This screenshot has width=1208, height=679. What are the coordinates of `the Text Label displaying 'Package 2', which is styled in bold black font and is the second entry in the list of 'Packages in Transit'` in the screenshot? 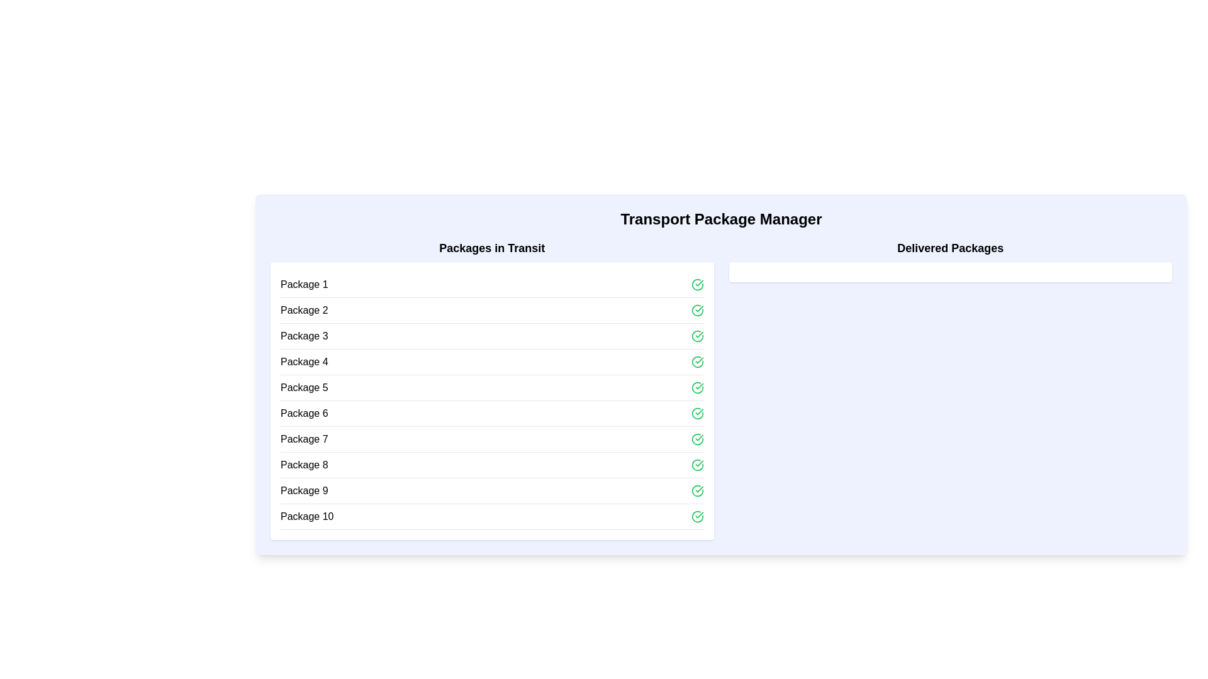 It's located at (304, 310).